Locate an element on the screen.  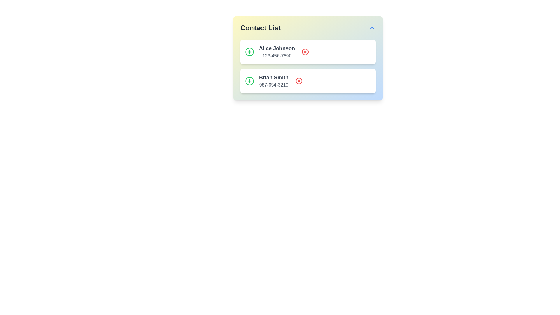
the icon button located to the left of the contact entry for 'Alice Johnson' is located at coordinates (249, 51).